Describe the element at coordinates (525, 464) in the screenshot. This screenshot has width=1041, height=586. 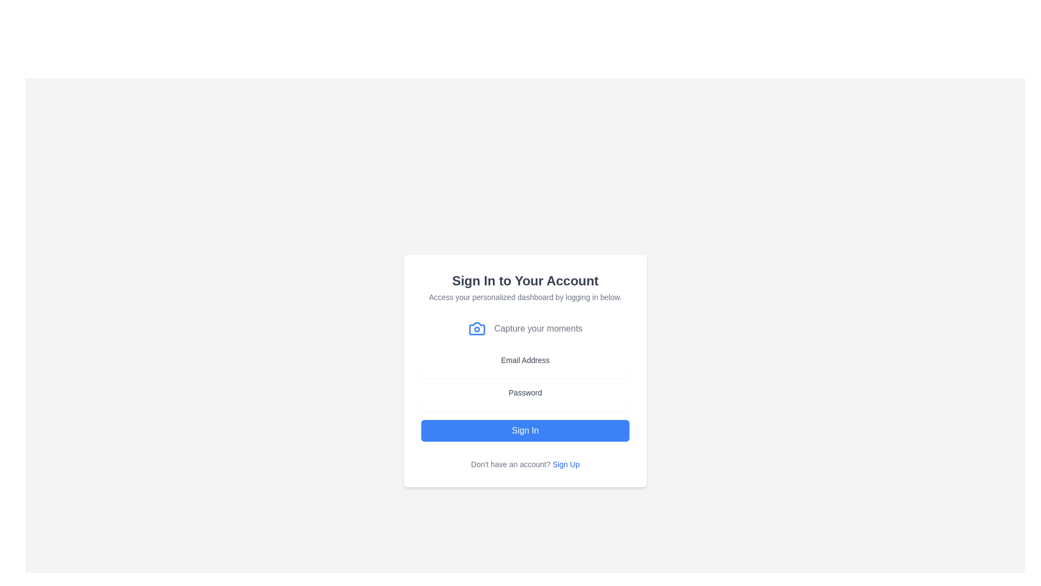
I see `the 'Sign Up' text link at the bottom of the card to trigger the underline styling effect` at that location.